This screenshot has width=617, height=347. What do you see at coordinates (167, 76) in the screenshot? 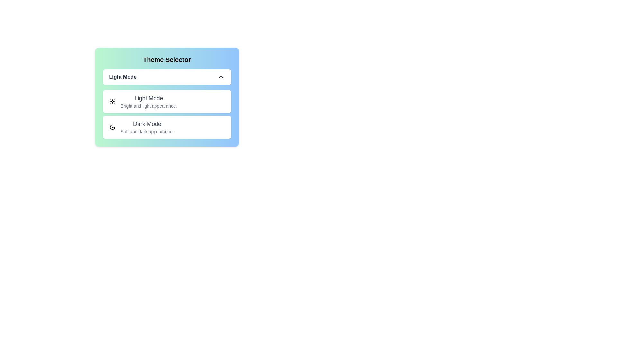
I see `the button labeled 'Light Mode' to toggle the visibility of the theme menu` at bounding box center [167, 76].